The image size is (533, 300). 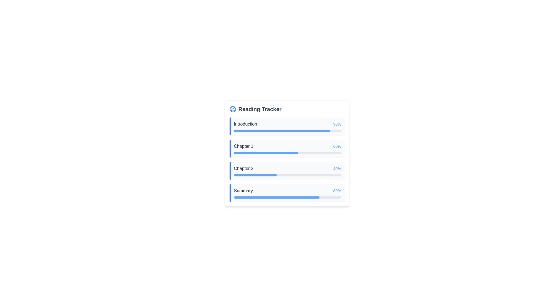 What do you see at coordinates (243, 168) in the screenshot?
I see `the chapter label in the third row of the 'Reading Tracker' widget, which is the leftmost element next to the '40%' progress indicator` at bounding box center [243, 168].